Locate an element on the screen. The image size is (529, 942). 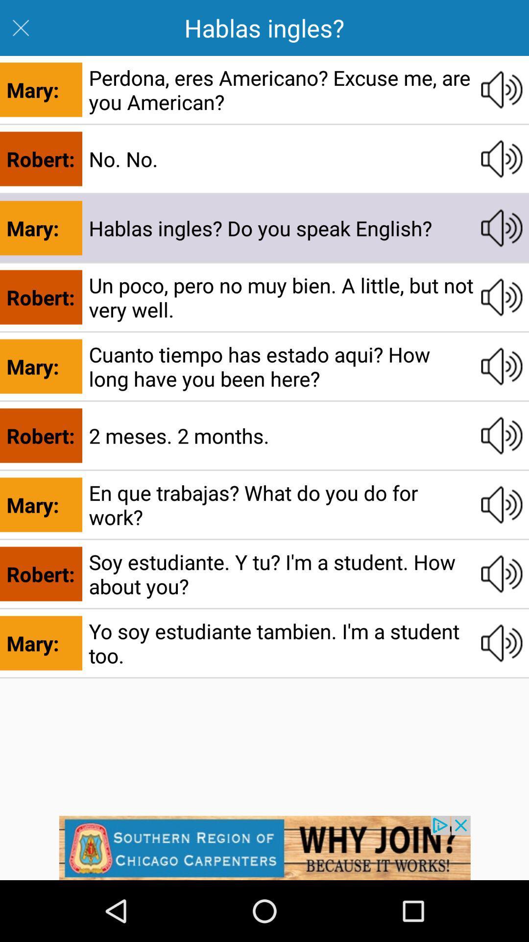
the audio is located at coordinates (502, 366).